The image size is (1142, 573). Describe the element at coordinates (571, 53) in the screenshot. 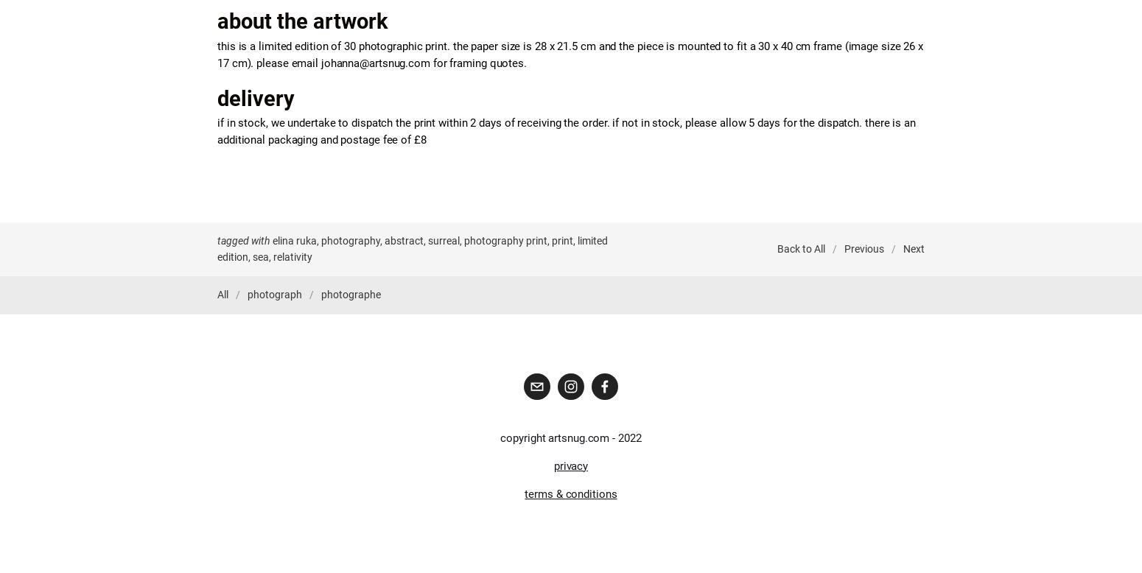

I see `'this is a limited edition of 30 photographic print. the paper size is 28 x 21.5 cm and the piece is mounted to fit a 30 x 40 cm frame (image size 26 x 17 cm). please email johanna@artsnug.com for framing quotes.'` at that location.